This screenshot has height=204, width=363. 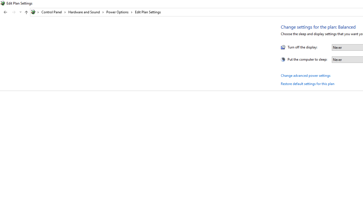 I want to click on 'Forward (Alt + Right Arrow)', so click(x=14, y=12).